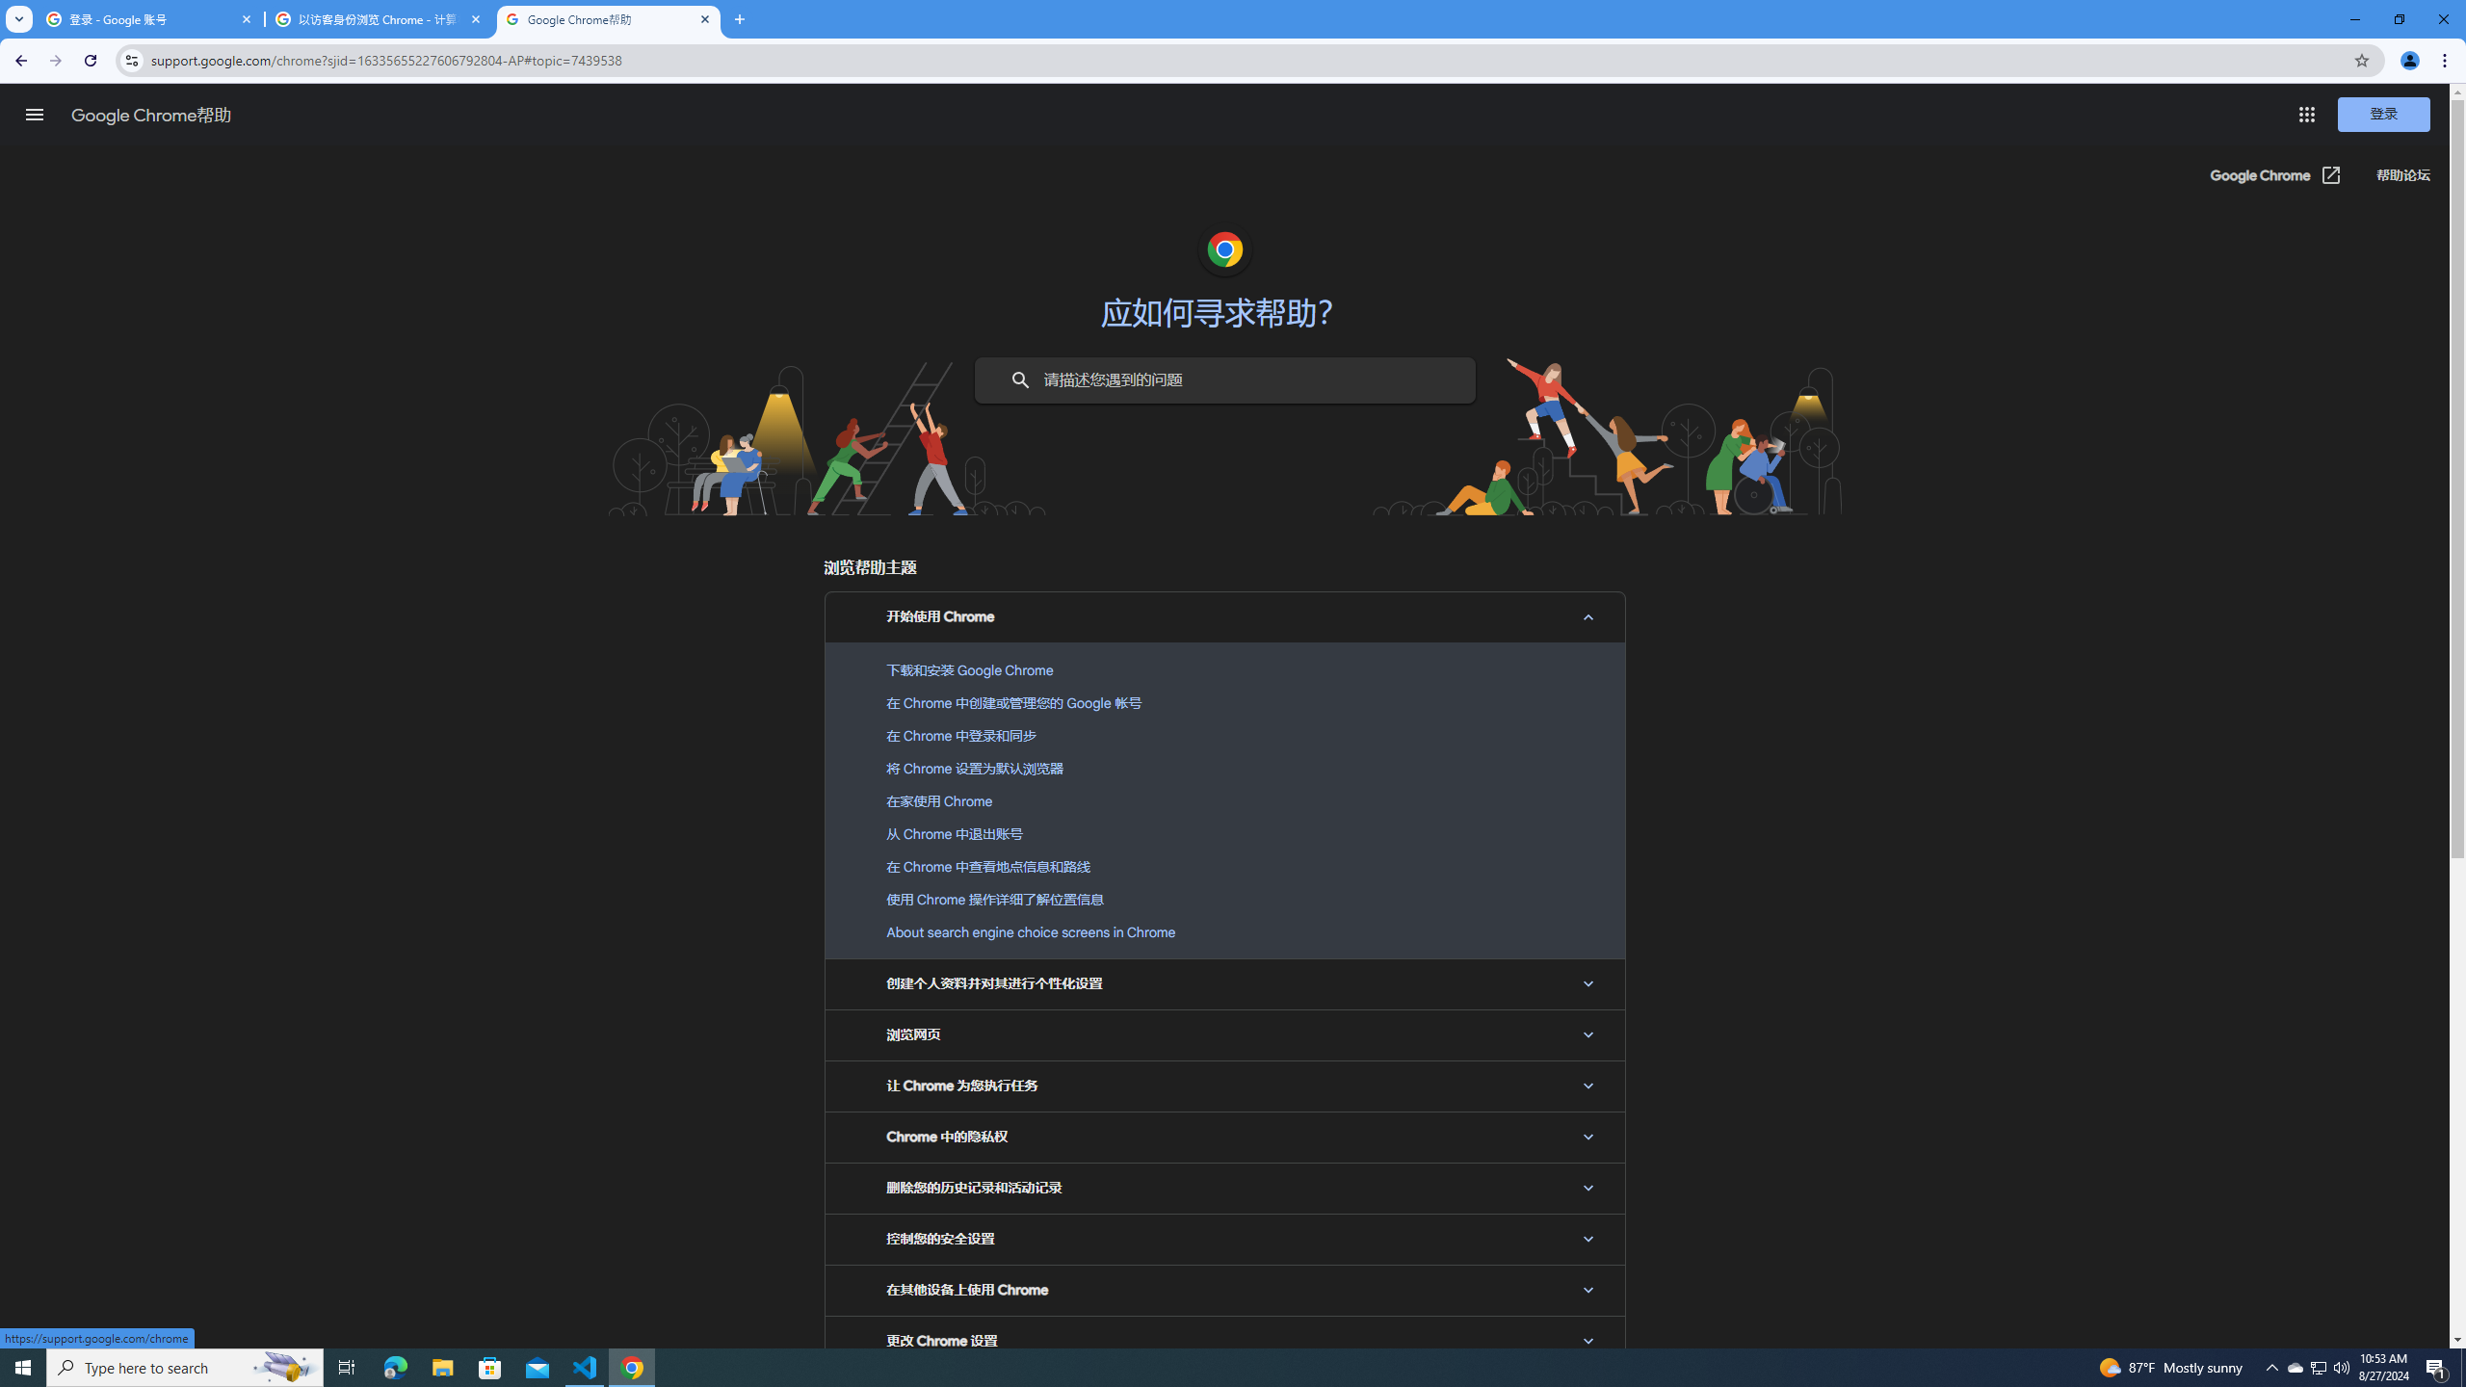 The image size is (2466, 1387). Describe the element at coordinates (1224, 930) in the screenshot. I see `'About search engine choice screens in Chrome'` at that location.